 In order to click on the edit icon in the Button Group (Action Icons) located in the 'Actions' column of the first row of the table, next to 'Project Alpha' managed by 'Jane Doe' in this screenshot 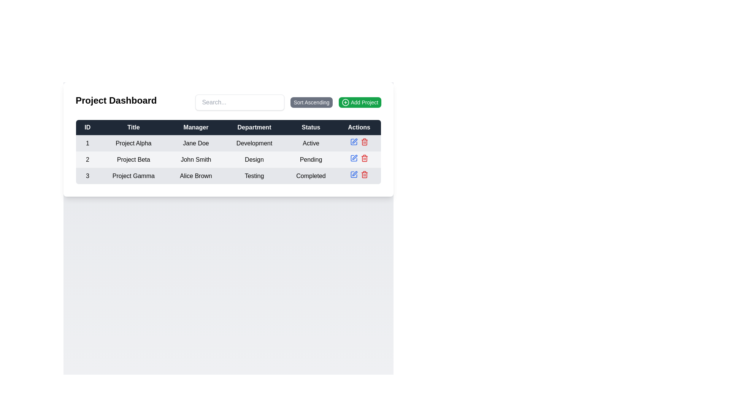, I will do `click(359, 143)`.